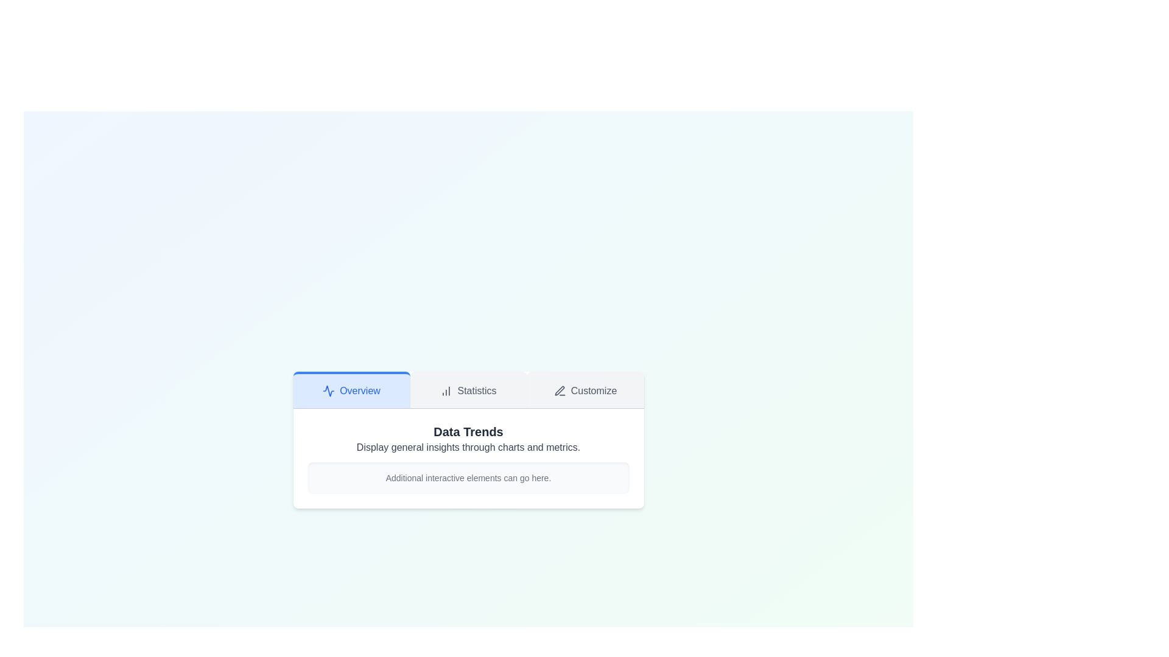 This screenshot has height=657, width=1169. What do you see at coordinates (351, 389) in the screenshot?
I see `the Overview tab` at bounding box center [351, 389].